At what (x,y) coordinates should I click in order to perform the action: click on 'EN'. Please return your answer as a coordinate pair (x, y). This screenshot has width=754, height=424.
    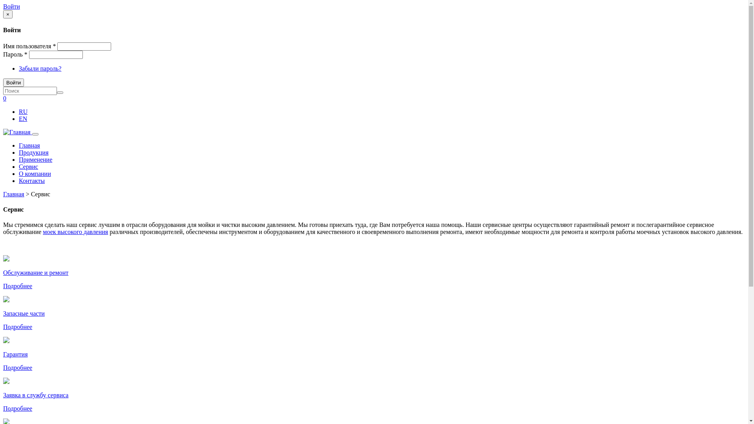
    Looking at the image, I should click on (23, 119).